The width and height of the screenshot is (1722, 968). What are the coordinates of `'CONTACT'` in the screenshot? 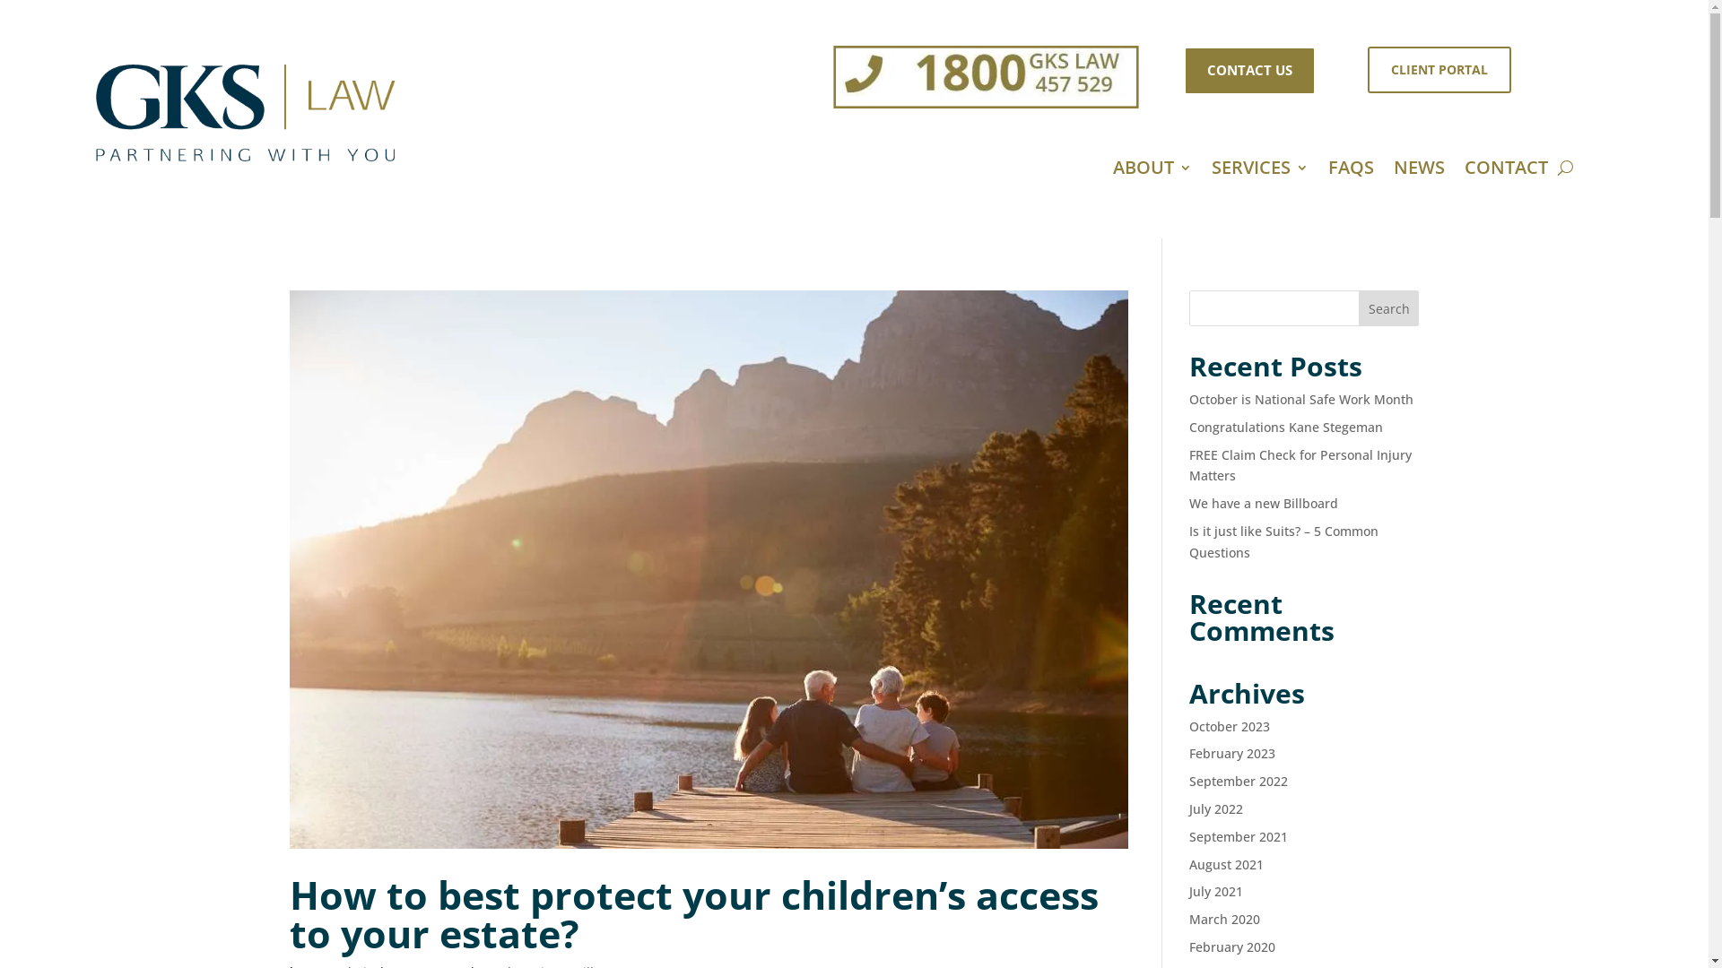 It's located at (1506, 171).